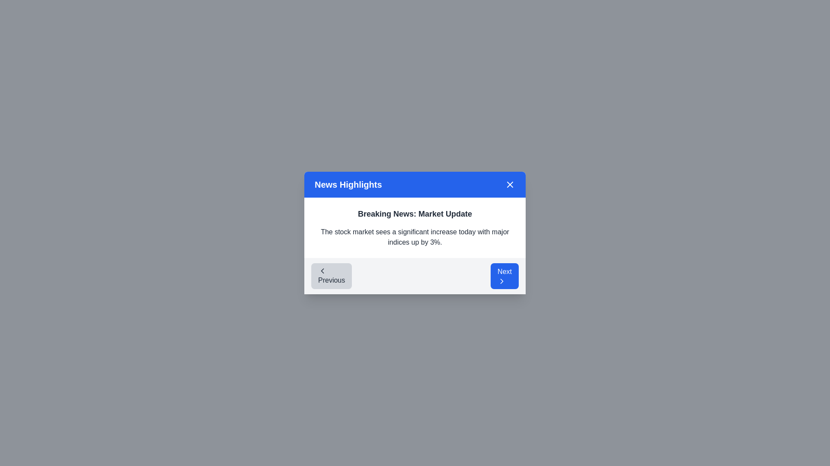 This screenshot has width=830, height=466. I want to click on the small red and white cross icon (styled as a diagonal 'X') located in the top-right corner of the blue header labeled 'News Highlights', so click(510, 184).